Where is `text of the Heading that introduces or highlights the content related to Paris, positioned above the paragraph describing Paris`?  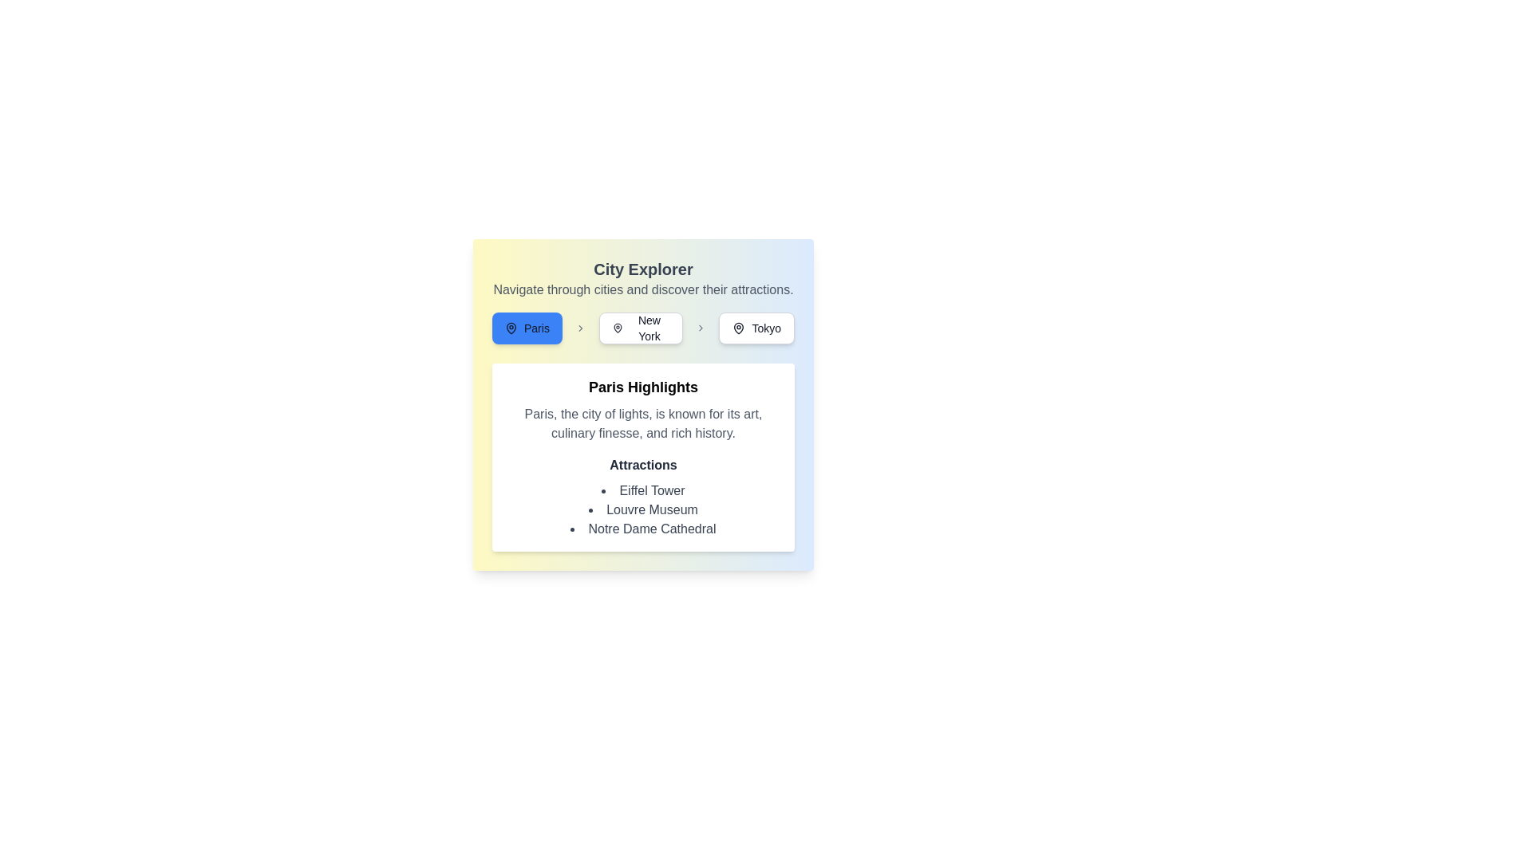
text of the Heading that introduces or highlights the content related to Paris, positioned above the paragraph describing Paris is located at coordinates (643, 387).